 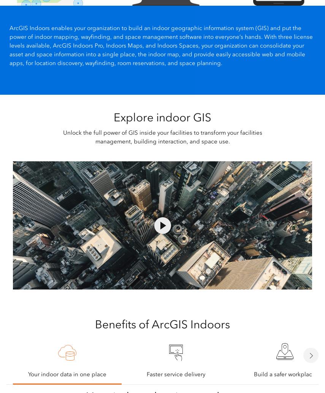 I want to click on 'Code of Business Conduct', so click(x=8, y=297).